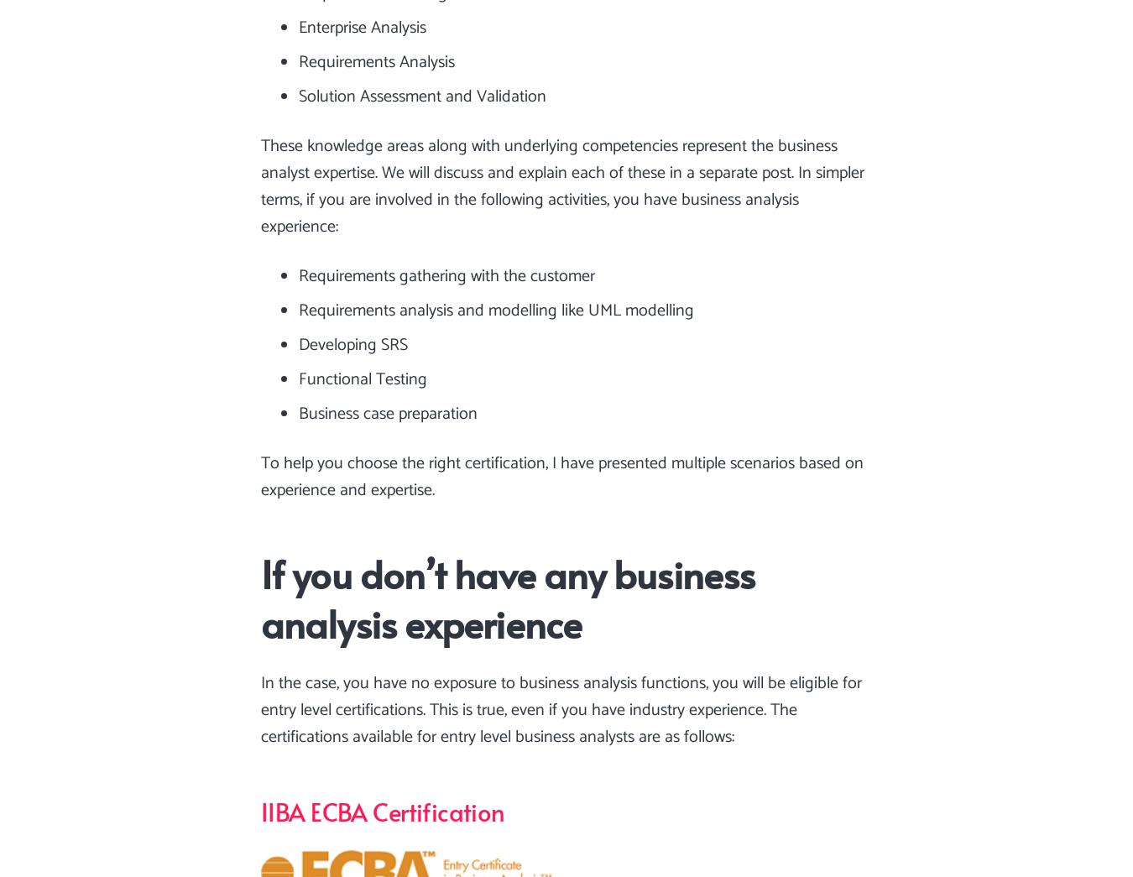  Describe the element at coordinates (382, 811) in the screenshot. I see `'IIBA ECBA Certification'` at that location.